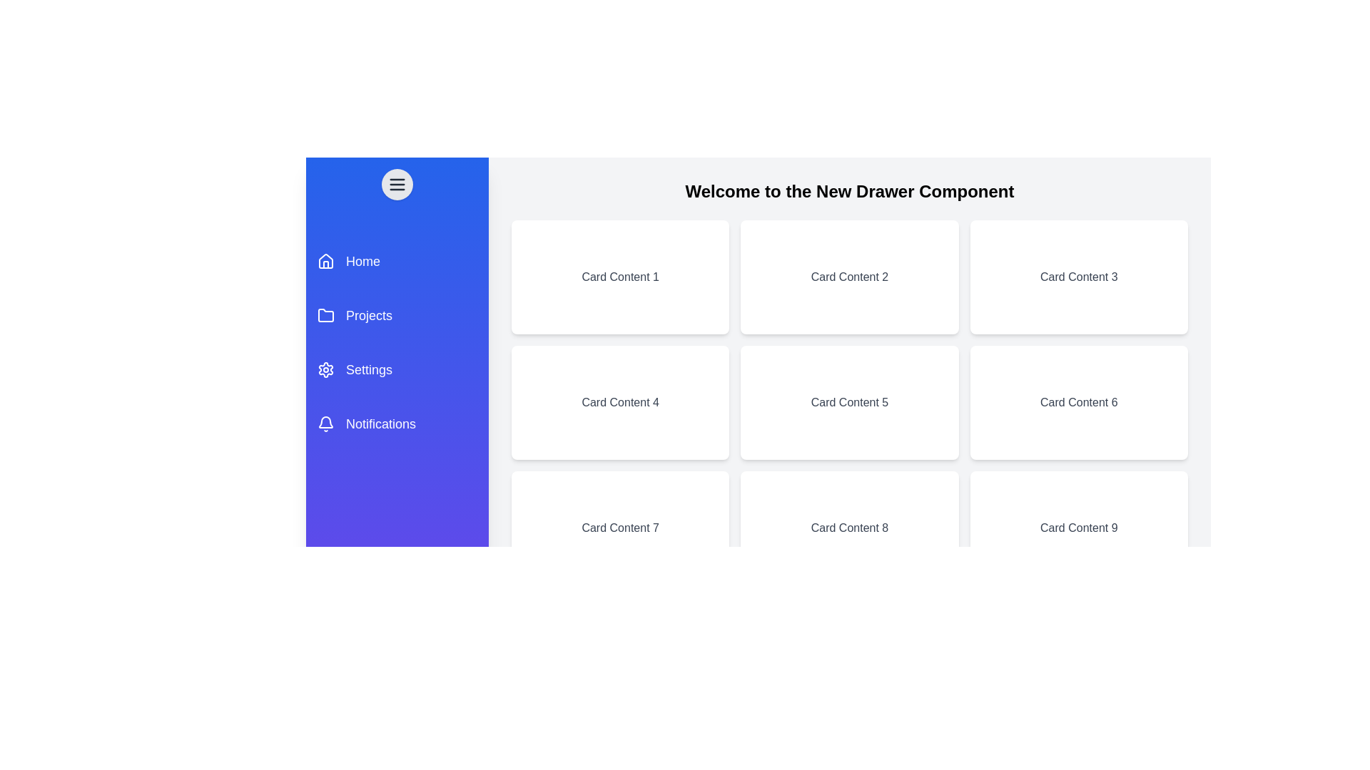 The height and width of the screenshot is (770, 1370). I want to click on the menu item Home in the drawer, so click(397, 261).